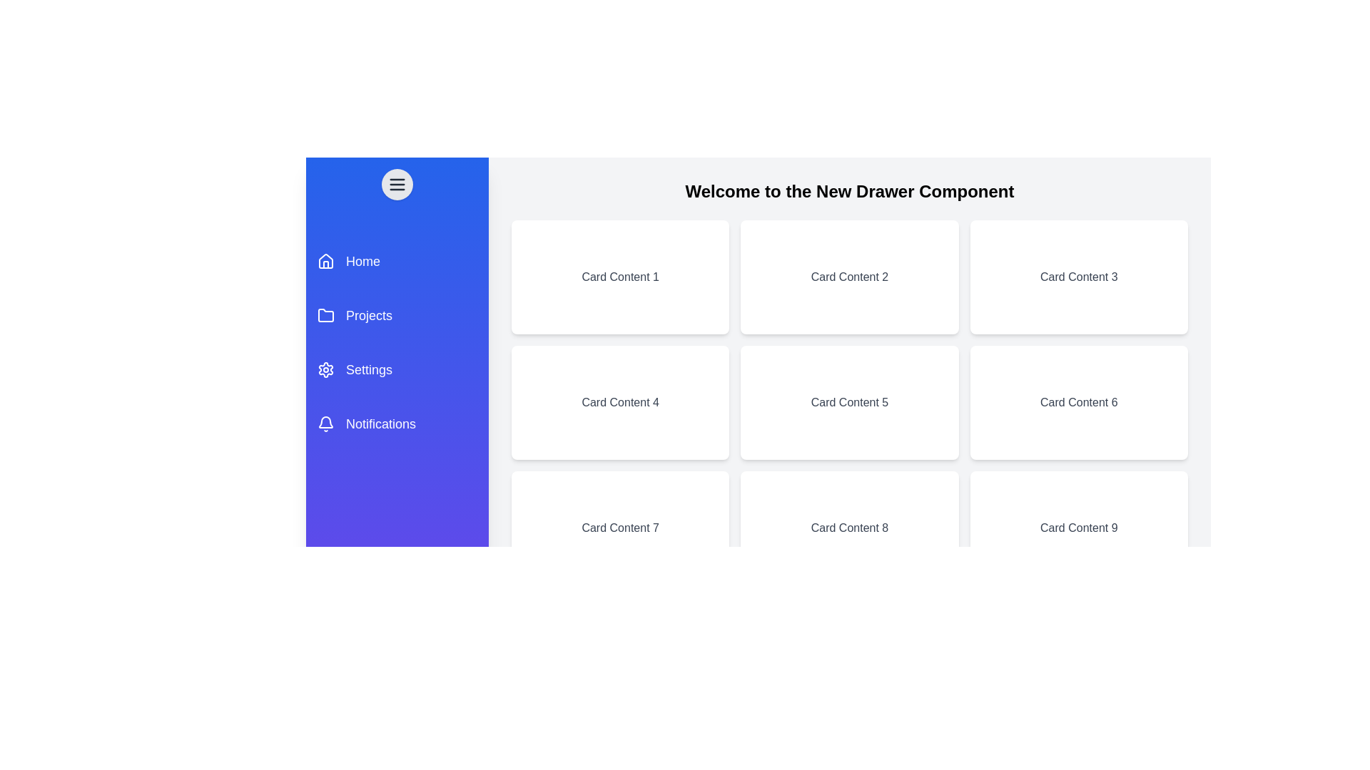 The height and width of the screenshot is (770, 1370). I want to click on the menu item Home in the drawer, so click(397, 261).